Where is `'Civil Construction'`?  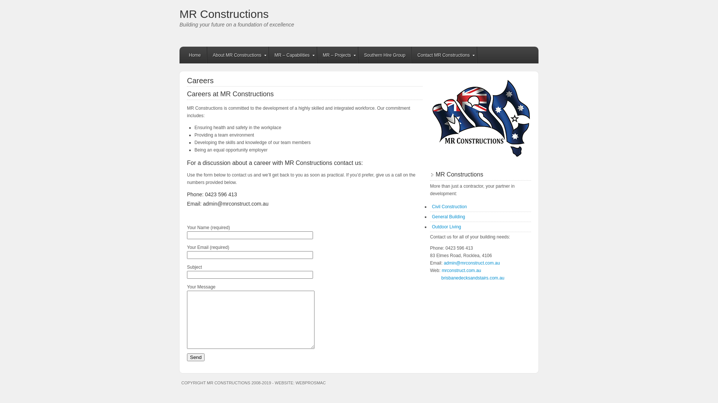 'Civil Construction' is located at coordinates (432, 207).